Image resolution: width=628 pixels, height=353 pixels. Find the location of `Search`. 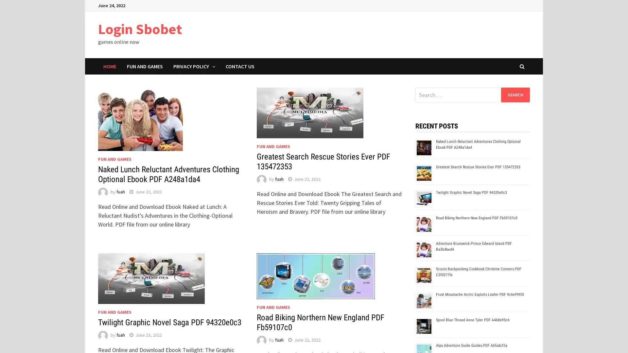

Search is located at coordinates (515, 94).